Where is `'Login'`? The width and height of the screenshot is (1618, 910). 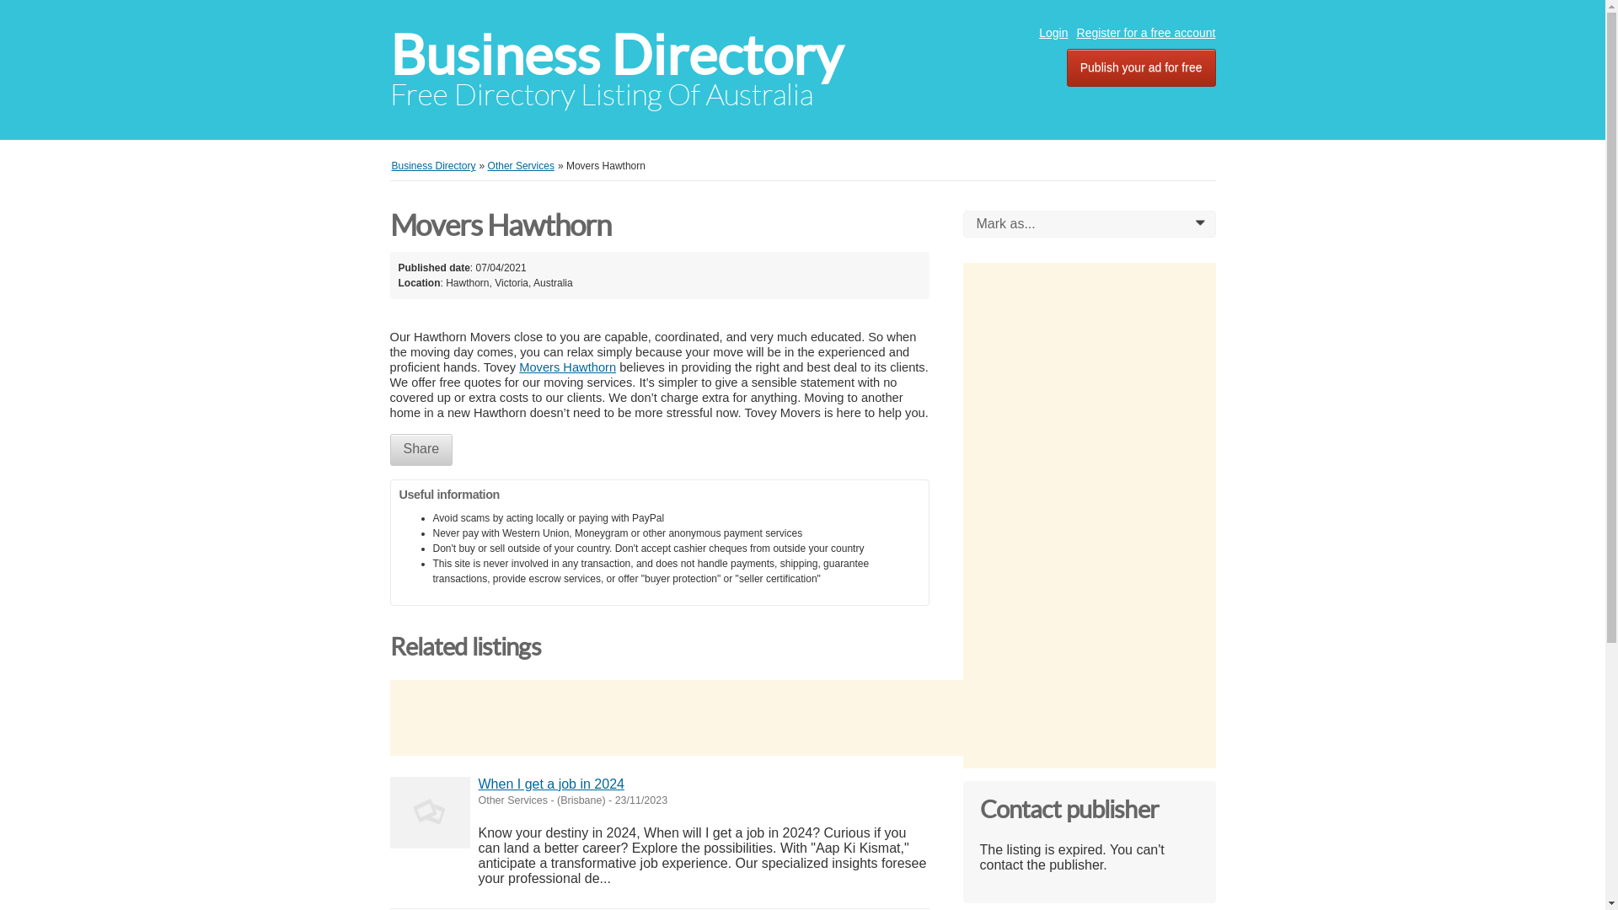
'Login' is located at coordinates (1052, 32).